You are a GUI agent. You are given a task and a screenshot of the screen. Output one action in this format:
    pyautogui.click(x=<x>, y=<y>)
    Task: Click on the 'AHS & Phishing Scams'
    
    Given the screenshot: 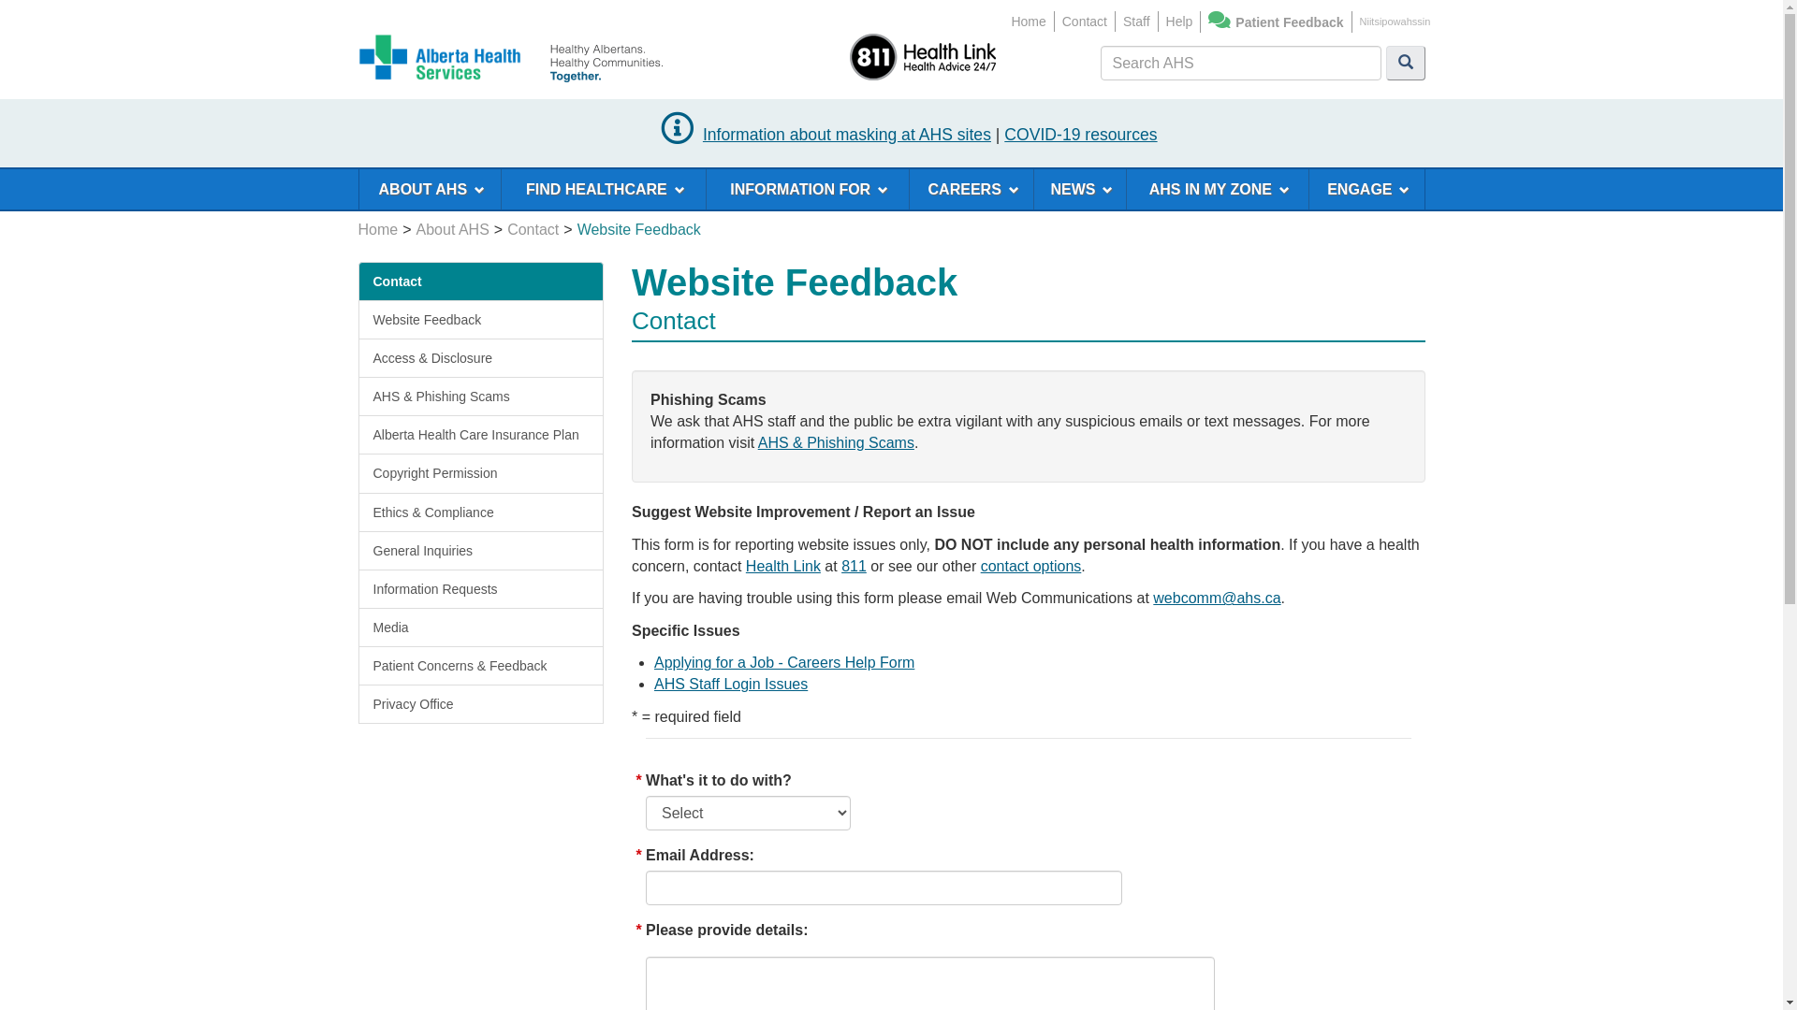 What is the action you would take?
    pyautogui.click(x=758, y=442)
    